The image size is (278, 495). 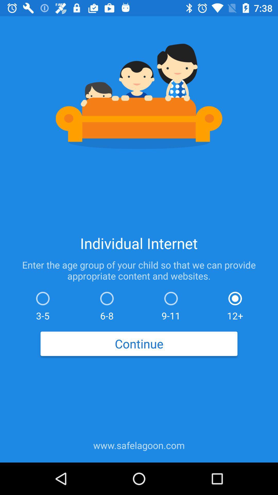 I want to click on 12+, so click(x=235, y=305).